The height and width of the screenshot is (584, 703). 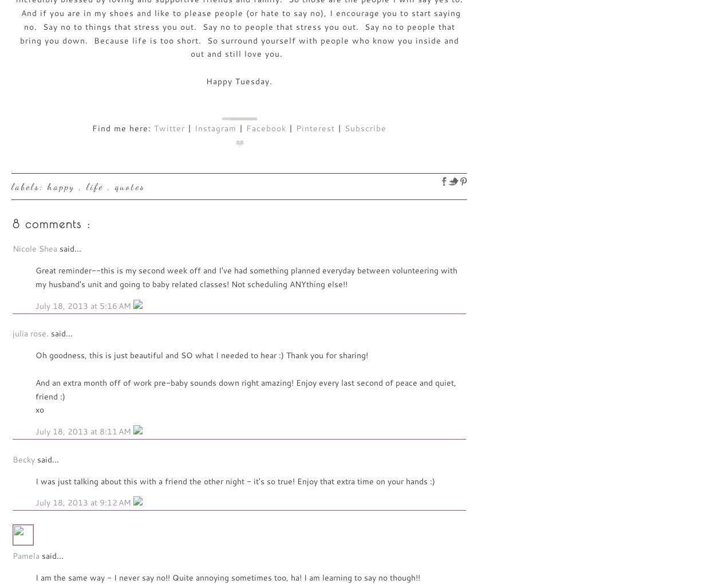 What do you see at coordinates (215, 127) in the screenshot?
I see `'Instagram'` at bounding box center [215, 127].